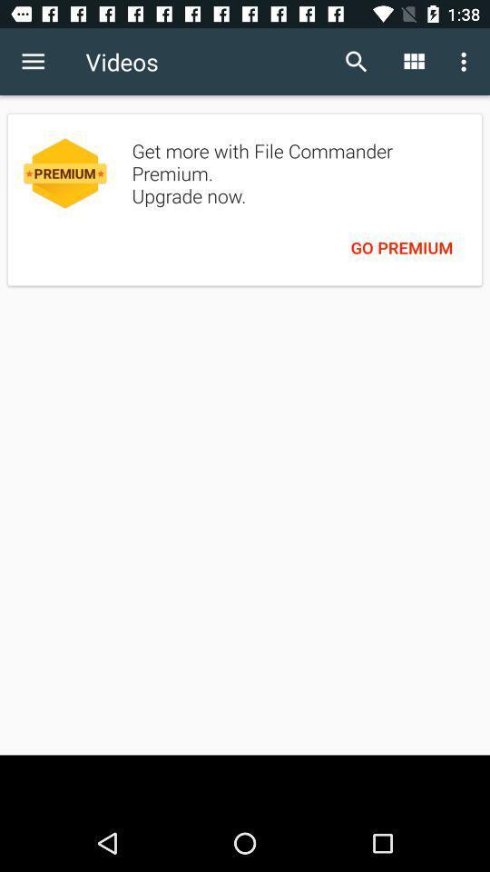 Image resolution: width=490 pixels, height=872 pixels. Describe the element at coordinates (357, 62) in the screenshot. I see `the item next to the videos item` at that location.